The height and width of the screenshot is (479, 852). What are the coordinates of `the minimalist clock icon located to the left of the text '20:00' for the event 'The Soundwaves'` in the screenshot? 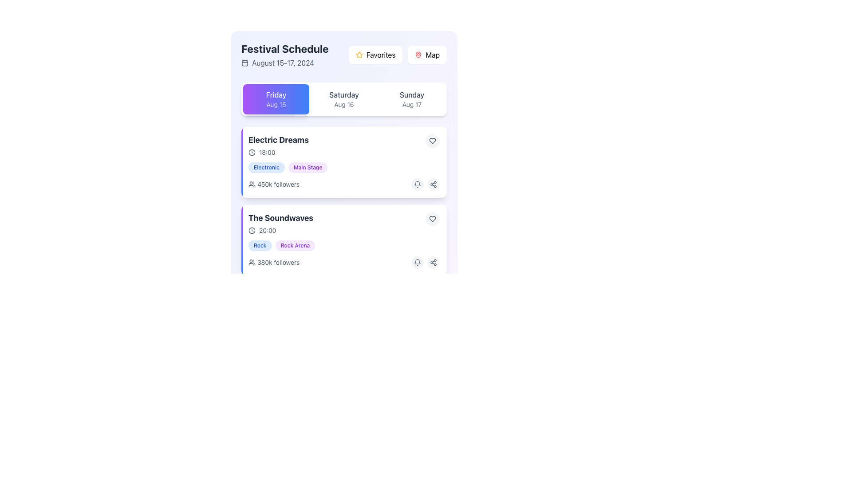 It's located at (251, 230).